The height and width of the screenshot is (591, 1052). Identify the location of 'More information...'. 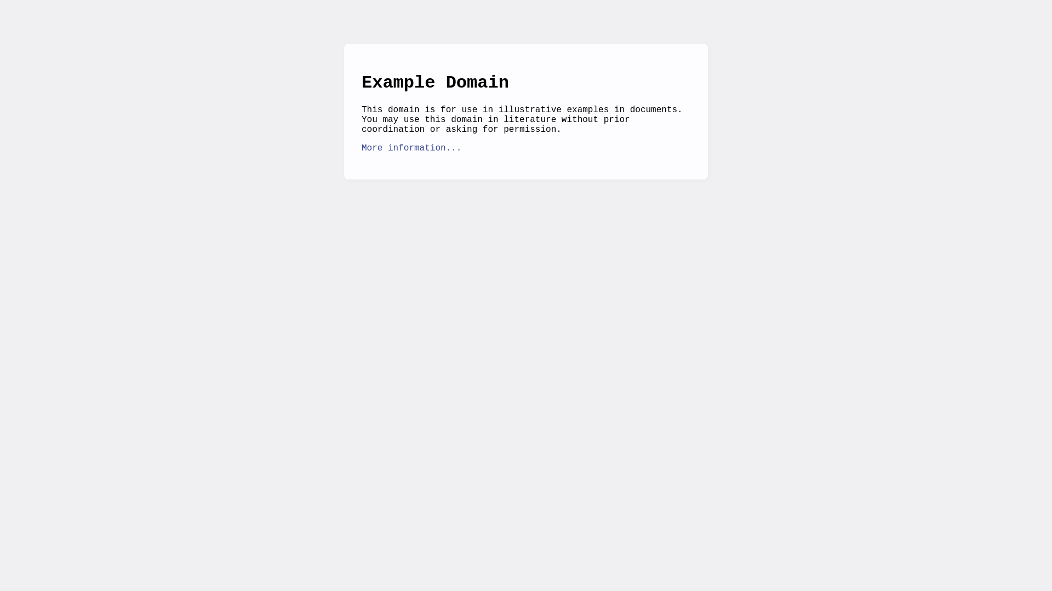
(410, 148).